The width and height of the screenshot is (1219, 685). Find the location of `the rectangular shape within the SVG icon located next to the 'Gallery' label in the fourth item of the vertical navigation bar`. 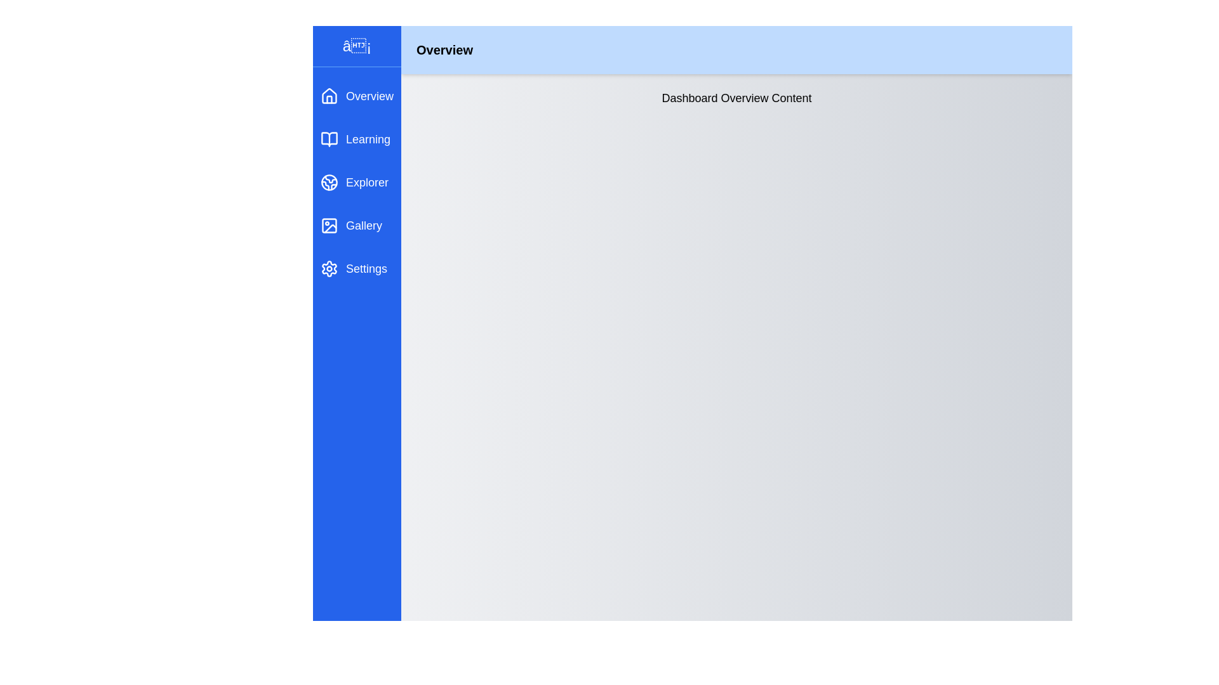

the rectangular shape within the SVG icon located next to the 'Gallery' label in the fourth item of the vertical navigation bar is located at coordinates (329, 225).